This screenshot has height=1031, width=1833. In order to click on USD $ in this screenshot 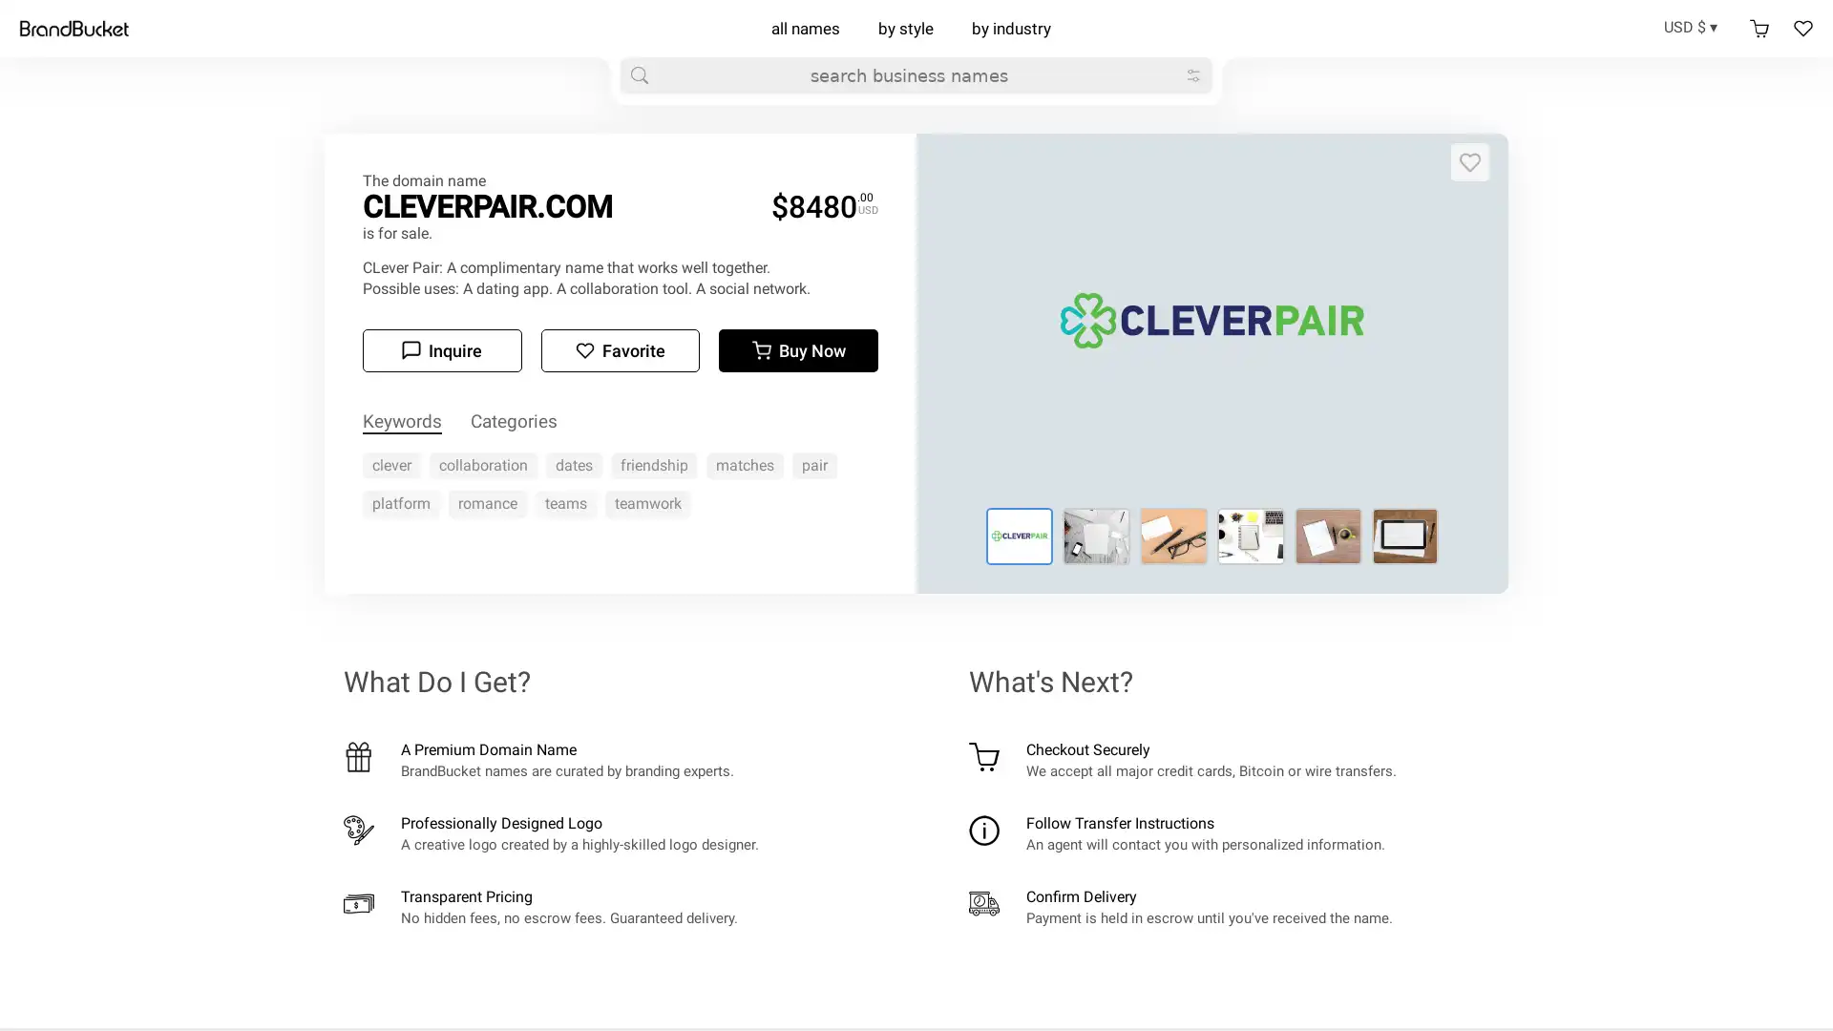, I will do `click(1696, 26)`.